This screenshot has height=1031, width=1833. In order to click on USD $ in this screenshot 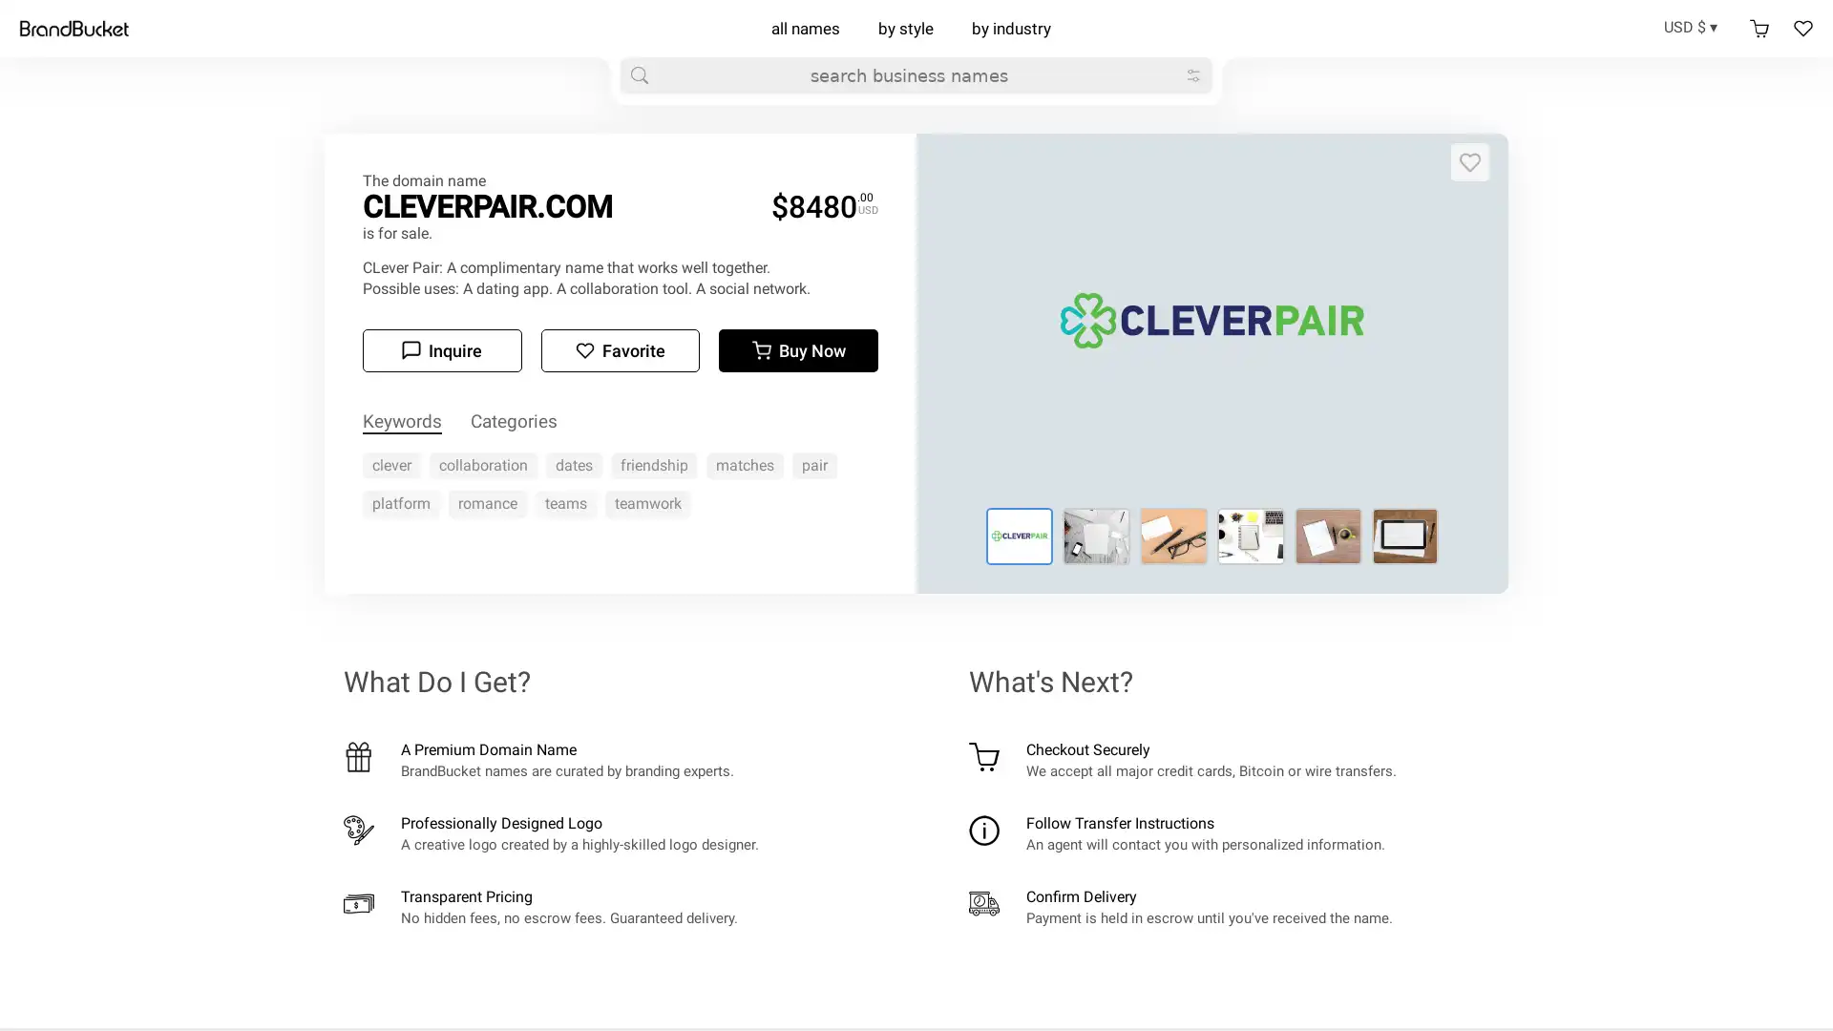, I will do `click(1696, 26)`.